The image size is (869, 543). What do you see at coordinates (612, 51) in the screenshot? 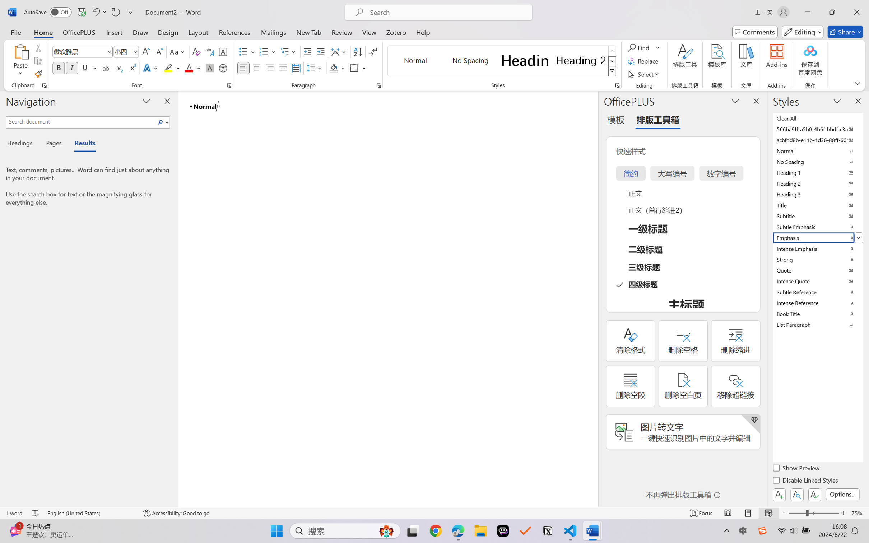
I see `'Row up'` at bounding box center [612, 51].